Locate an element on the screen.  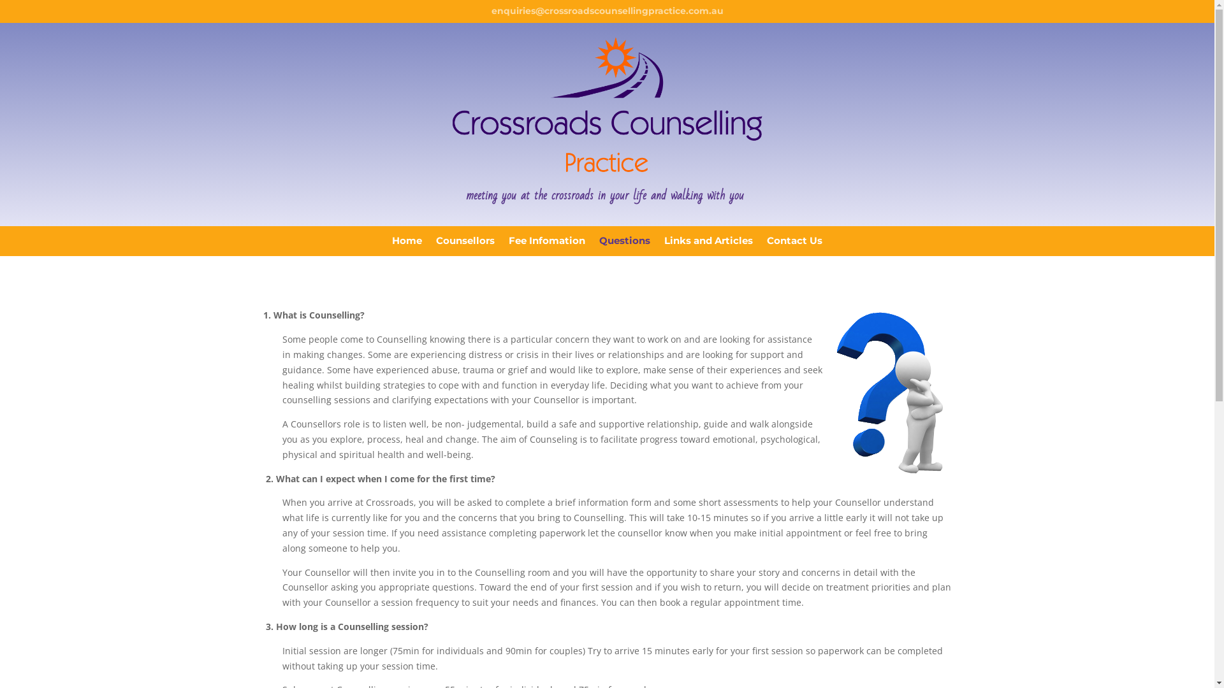
'Questions' is located at coordinates (624, 243).